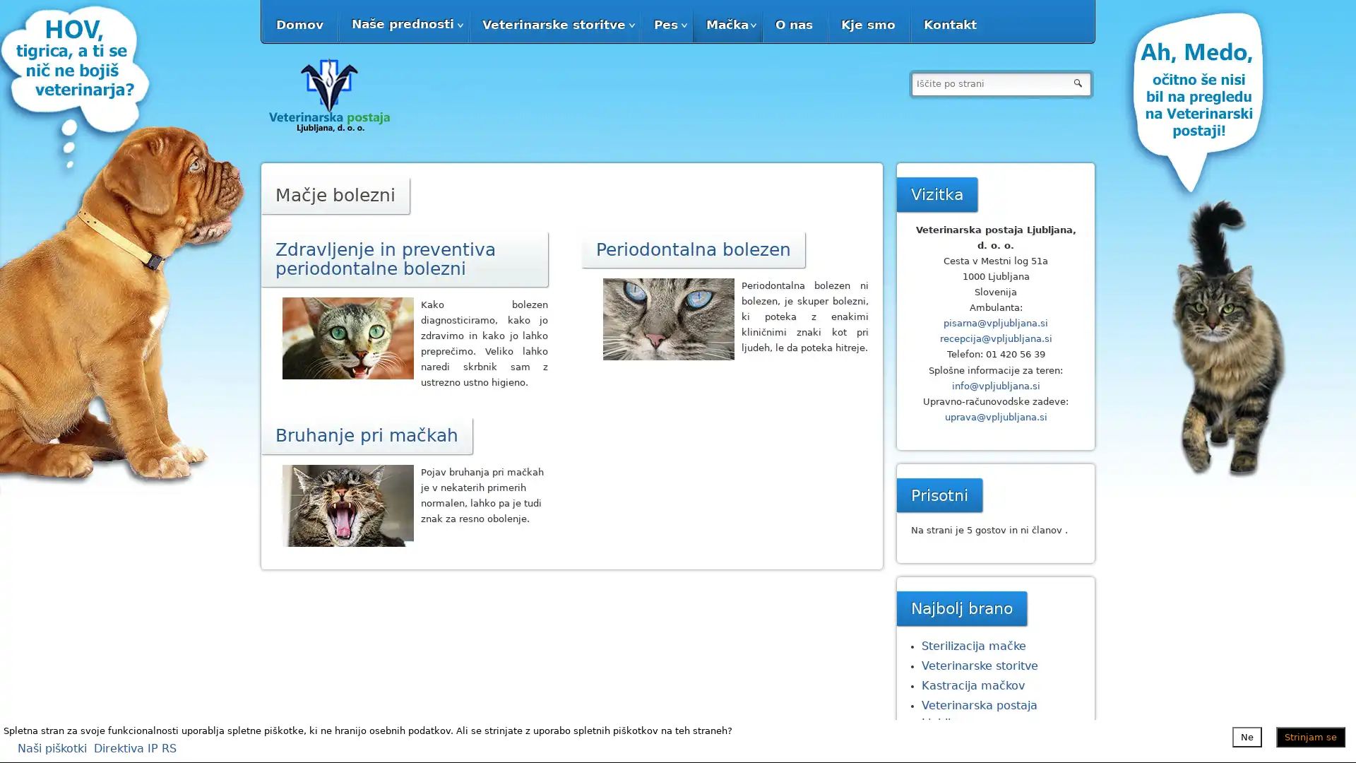  I want to click on Strinjam se, so click(1310, 735).